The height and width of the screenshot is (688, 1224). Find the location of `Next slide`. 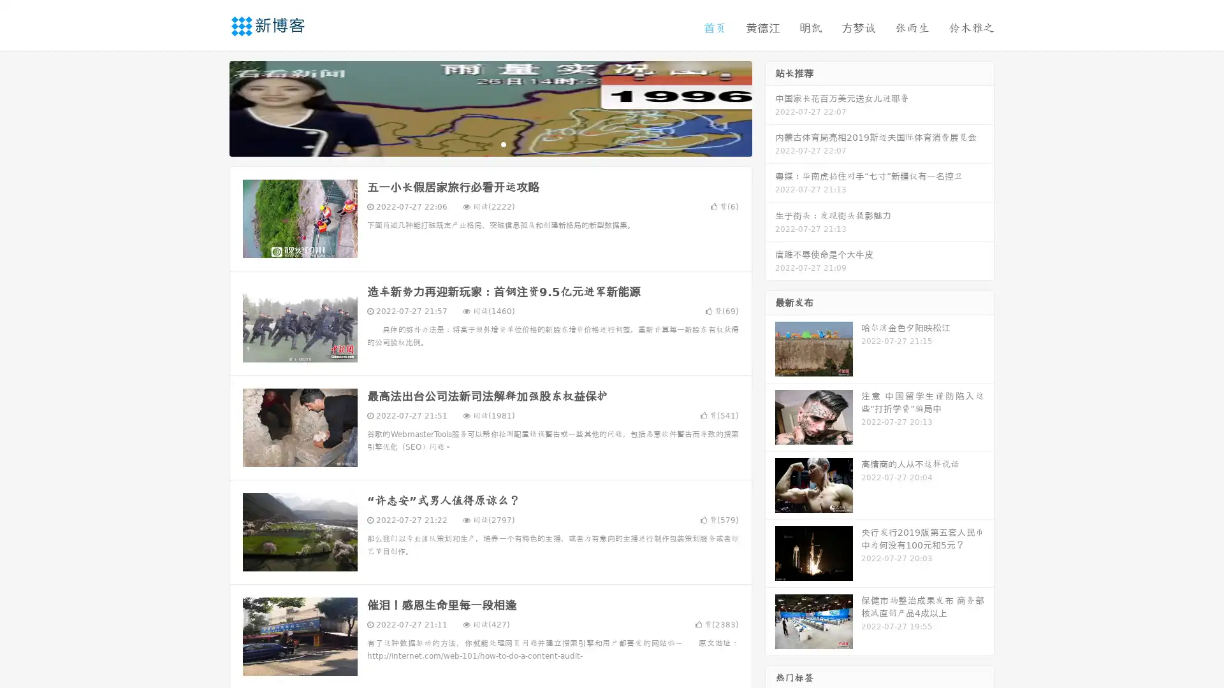

Next slide is located at coordinates (770, 107).